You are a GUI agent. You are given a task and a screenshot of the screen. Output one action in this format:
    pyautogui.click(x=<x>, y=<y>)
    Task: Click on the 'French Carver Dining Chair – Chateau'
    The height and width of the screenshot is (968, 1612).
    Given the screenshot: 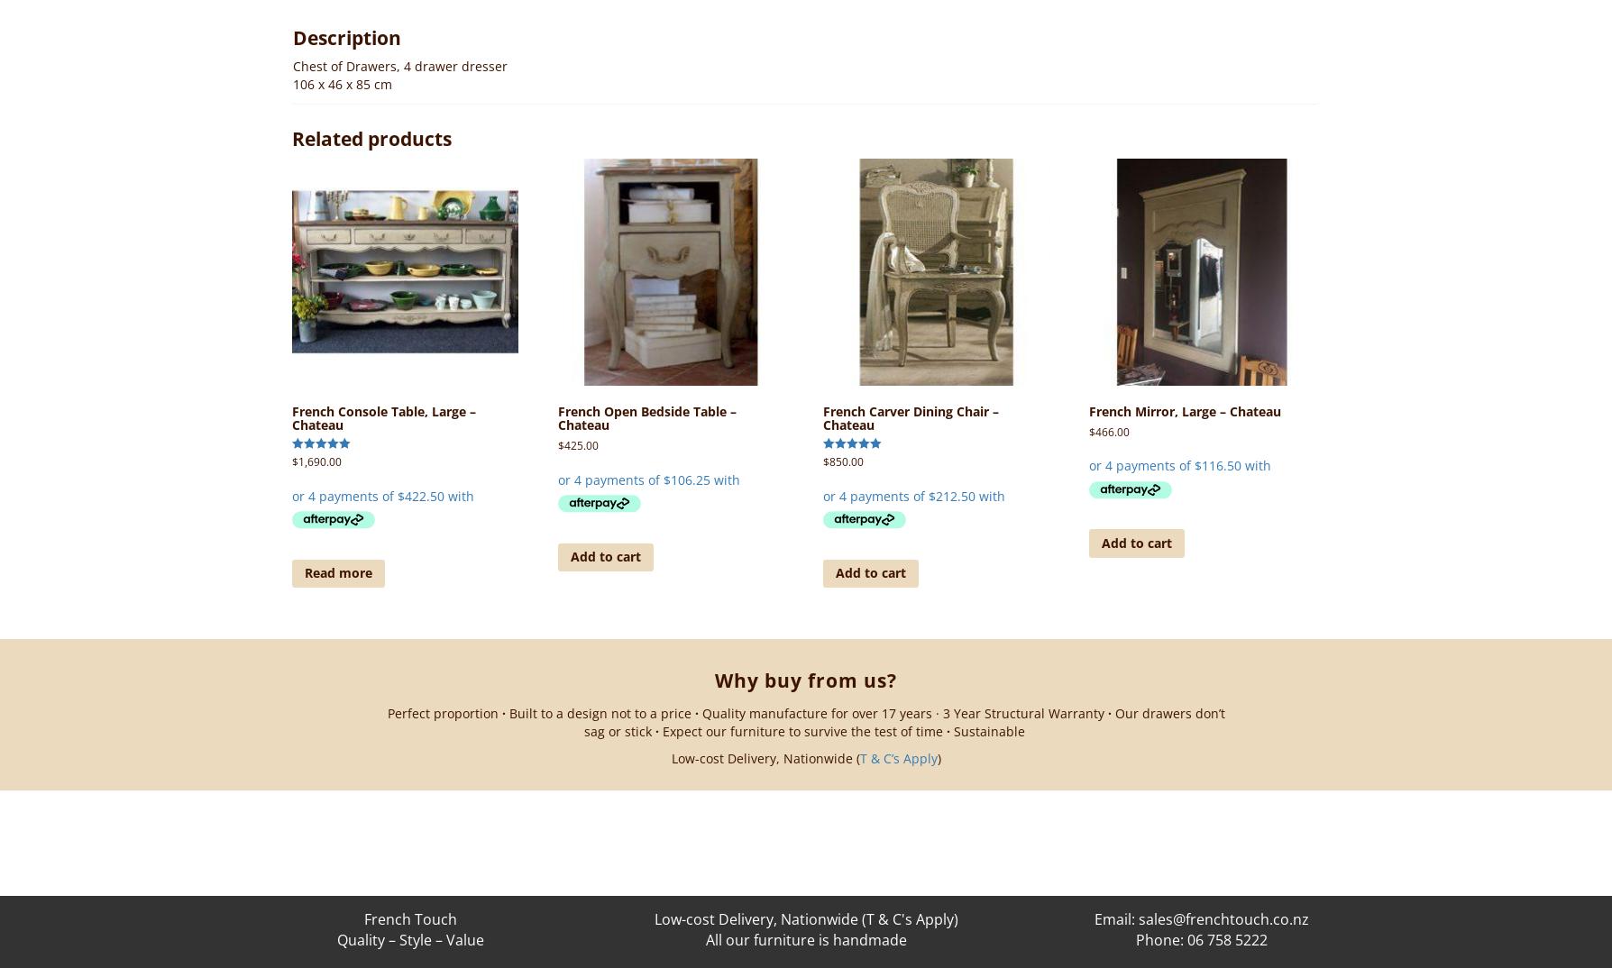 What is the action you would take?
    pyautogui.click(x=822, y=416)
    